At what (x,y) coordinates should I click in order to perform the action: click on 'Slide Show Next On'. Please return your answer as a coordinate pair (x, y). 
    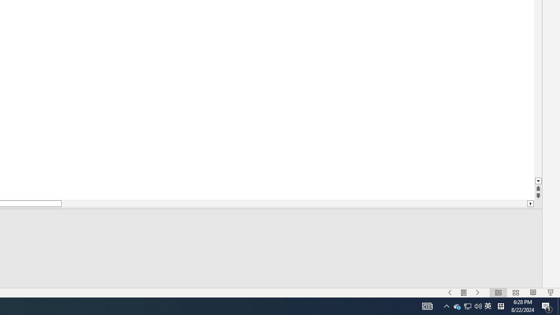
    Looking at the image, I should click on (463, 293).